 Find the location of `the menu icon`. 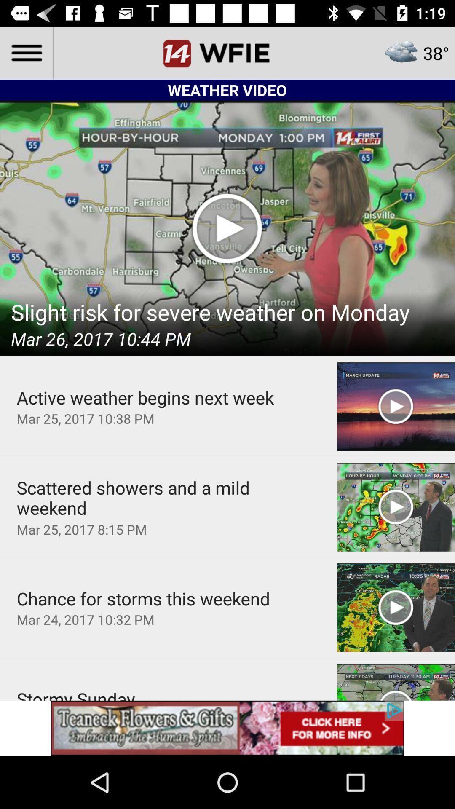

the menu icon is located at coordinates (26, 52).